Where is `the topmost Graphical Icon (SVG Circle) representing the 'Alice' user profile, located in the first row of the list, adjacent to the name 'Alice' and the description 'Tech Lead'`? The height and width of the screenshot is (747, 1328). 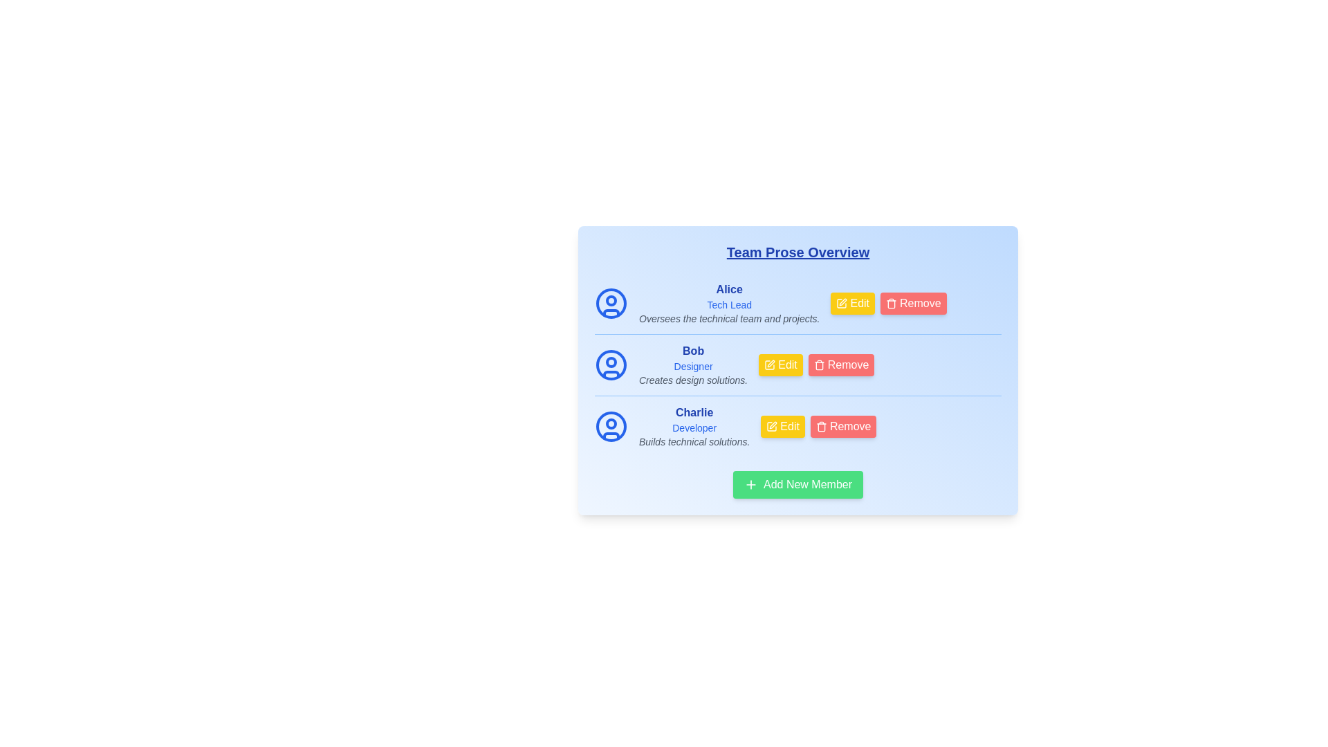
the topmost Graphical Icon (SVG Circle) representing the 'Alice' user profile, located in the first row of the list, adjacent to the name 'Alice' and the description 'Tech Lead' is located at coordinates (610, 303).